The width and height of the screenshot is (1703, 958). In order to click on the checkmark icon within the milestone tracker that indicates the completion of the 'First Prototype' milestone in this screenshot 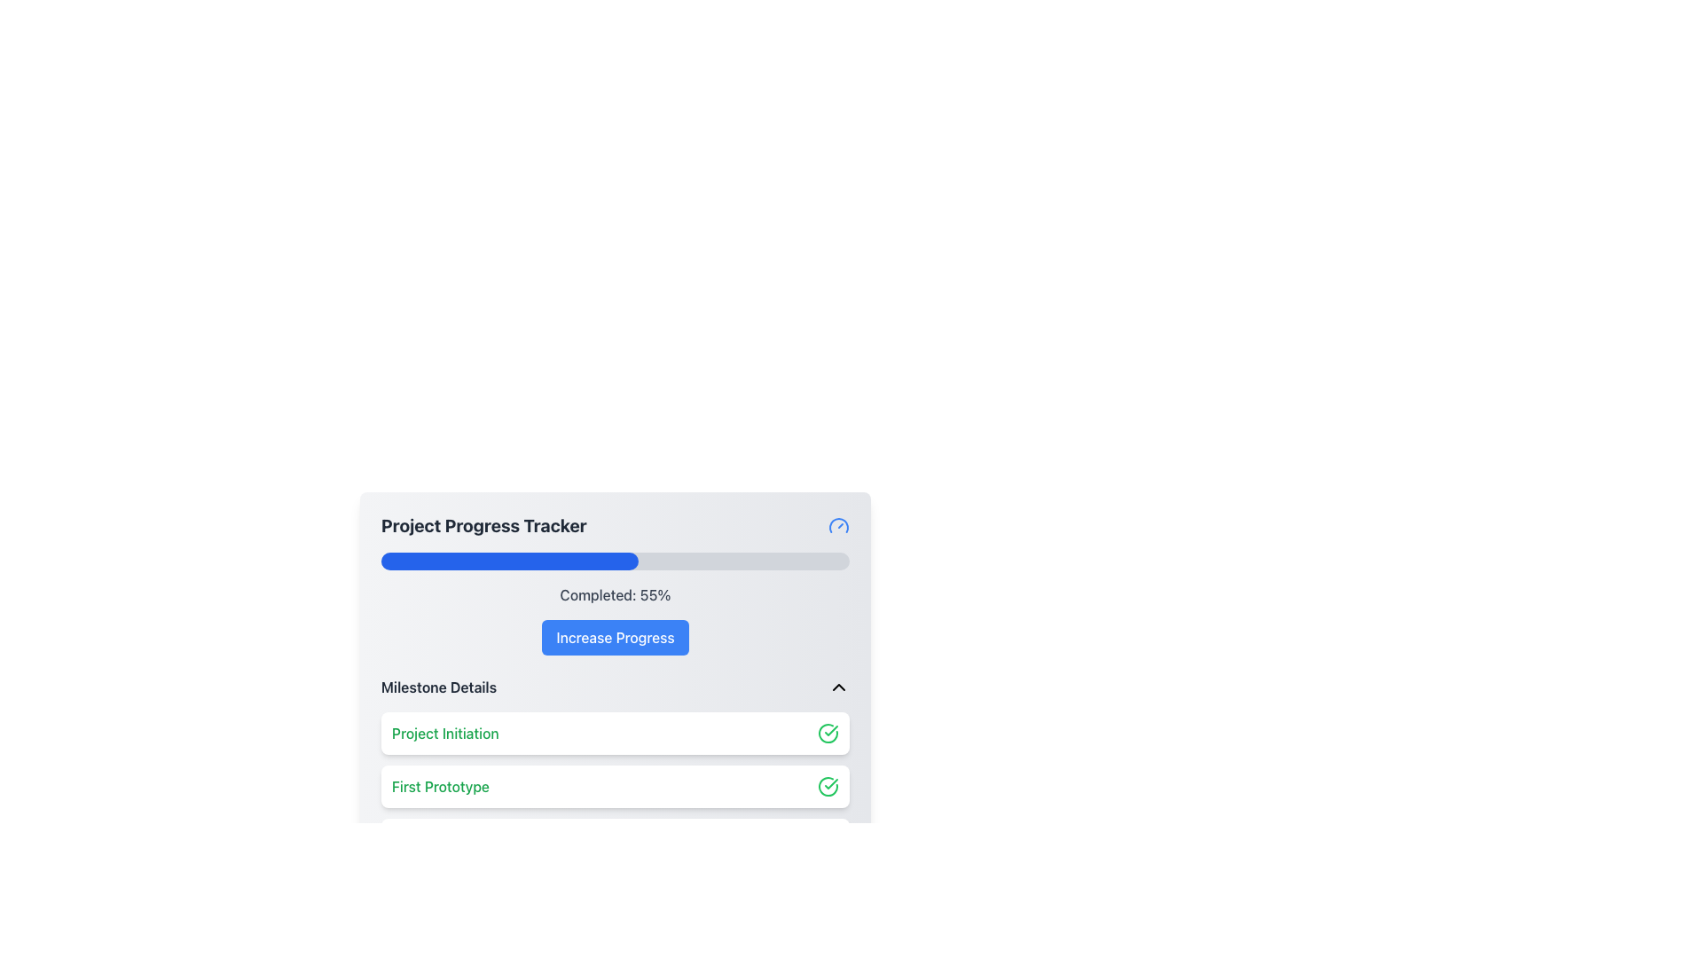, I will do `click(830, 731)`.